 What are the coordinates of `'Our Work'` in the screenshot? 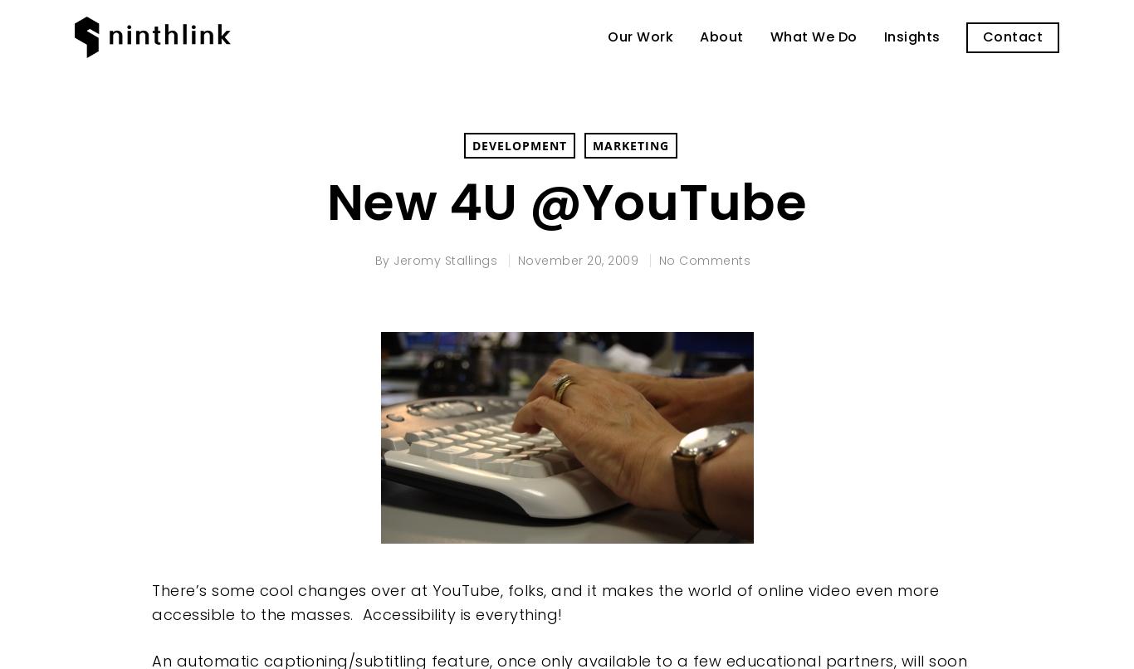 It's located at (640, 36).